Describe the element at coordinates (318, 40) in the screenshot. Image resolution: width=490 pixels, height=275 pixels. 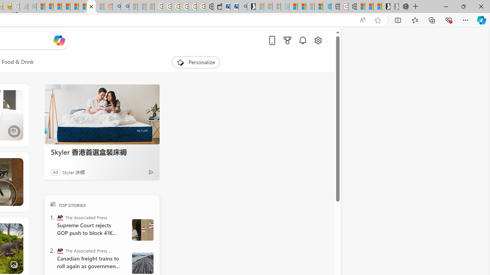
I see `'Open settings'` at that location.